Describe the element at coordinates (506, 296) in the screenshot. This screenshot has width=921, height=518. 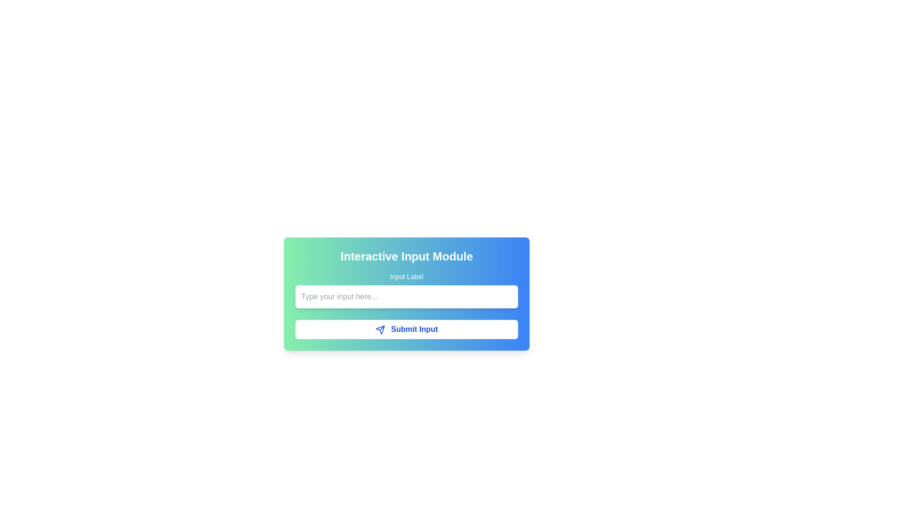
I see `the close button, which is a white outlined circle with an 'i' symbol in the center, located at the top-right corner of the input field labeled 'Type your input here...'` at that location.